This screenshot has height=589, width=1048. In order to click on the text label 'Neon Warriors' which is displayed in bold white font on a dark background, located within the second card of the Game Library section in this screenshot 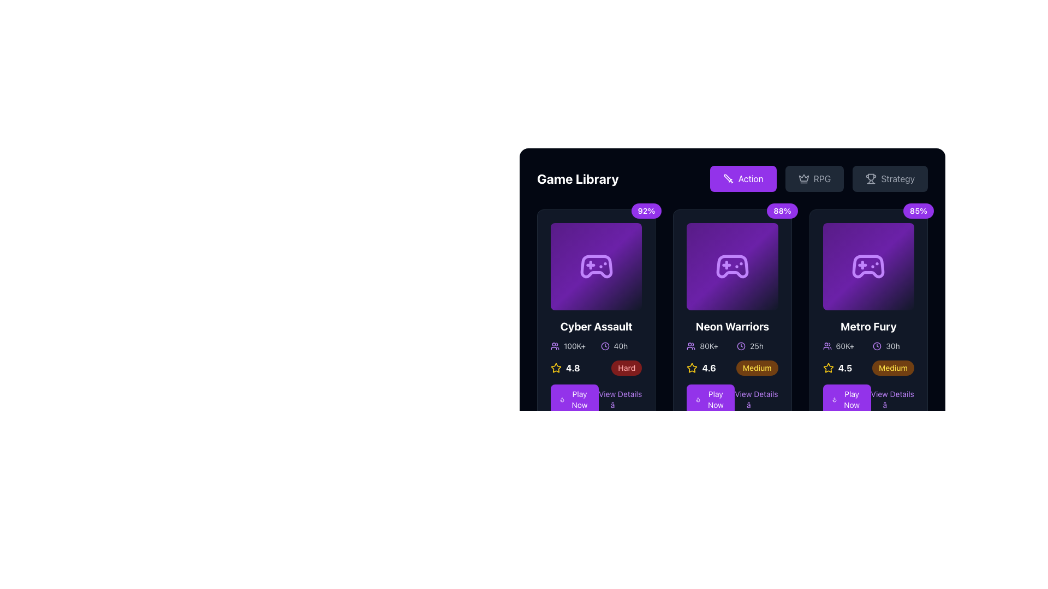, I will do `click(733, 326)`.